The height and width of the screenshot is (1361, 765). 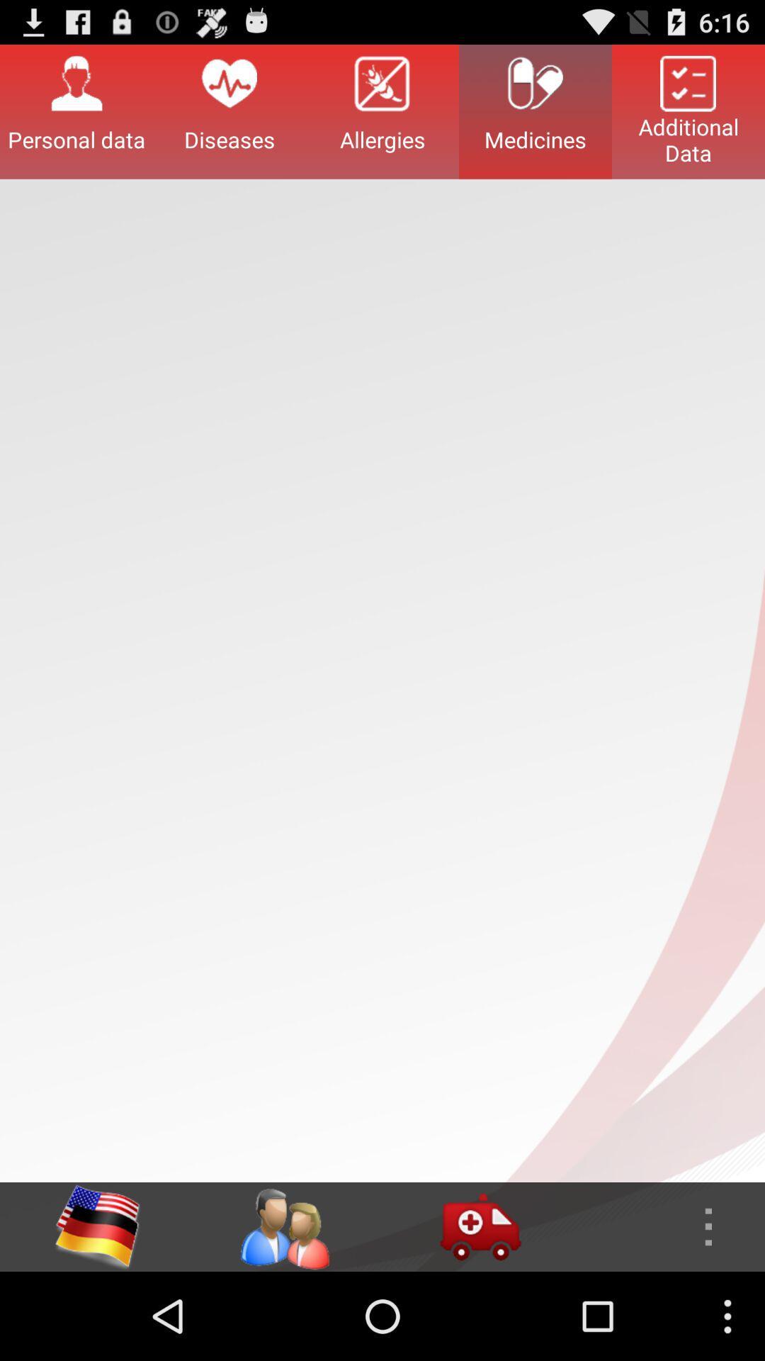 What do you see at coordinates (382, 111) in the screenshot?
I see `allergies` at bounding box center [382, 111].